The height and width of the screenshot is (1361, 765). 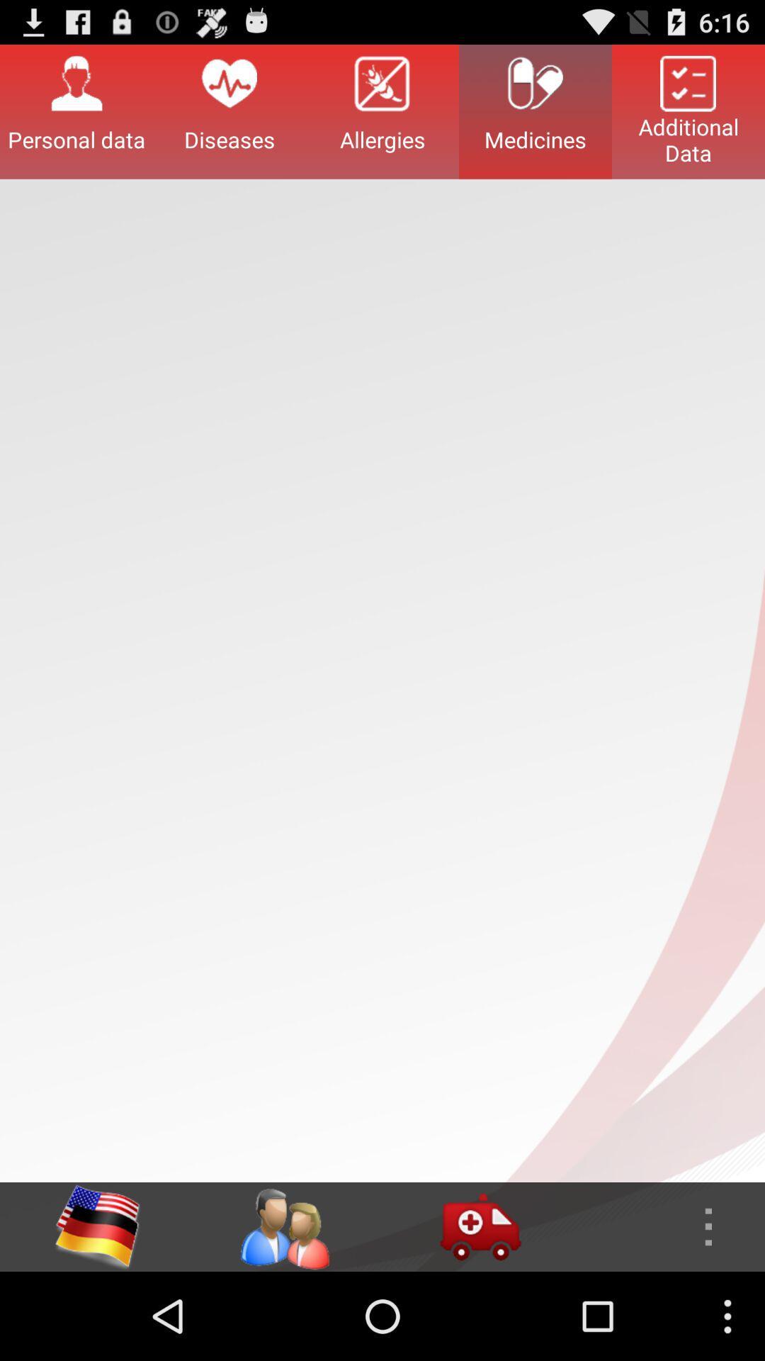 What do you see at coordinates (382, 111) in the screenshot?
I see `allergies` at bounding box center [382, 111].